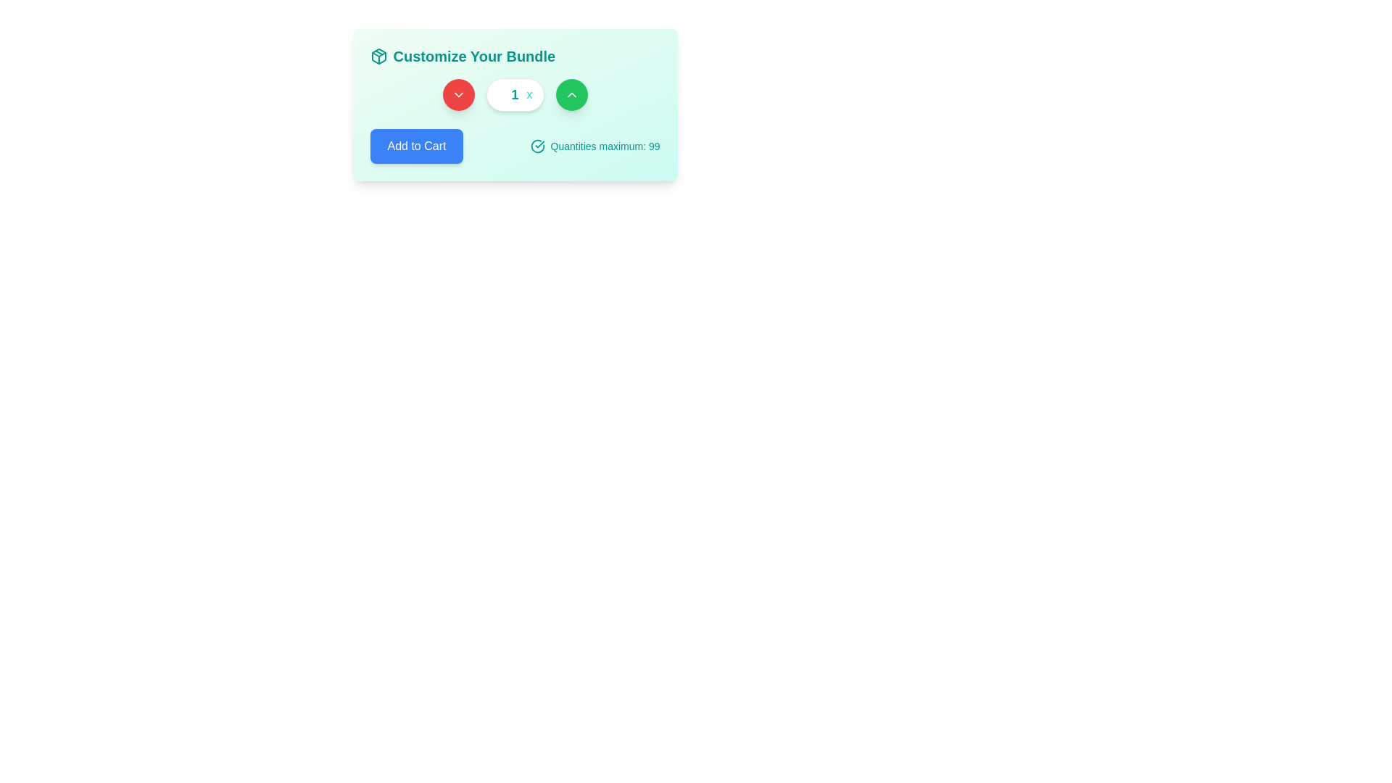 This screenshot has width=1392, height=783. Describe the element at coordinates (536, 146) in the screenshot. I see `the circular teal icon with a checkmark inside, located to the left of the 'Quantities maximum: 99' label` at that location.